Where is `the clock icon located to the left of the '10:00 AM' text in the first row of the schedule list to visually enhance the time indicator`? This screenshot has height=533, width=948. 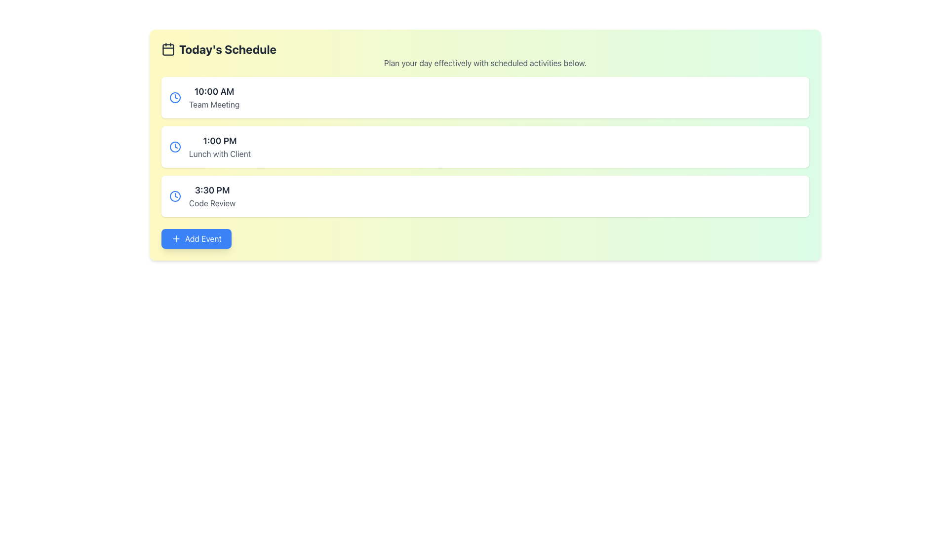 the clock icon located to the left of the '10:00 AM' text in the first row of the schedule list to visually enhance the time indicator is located at coordinates (175, 97).